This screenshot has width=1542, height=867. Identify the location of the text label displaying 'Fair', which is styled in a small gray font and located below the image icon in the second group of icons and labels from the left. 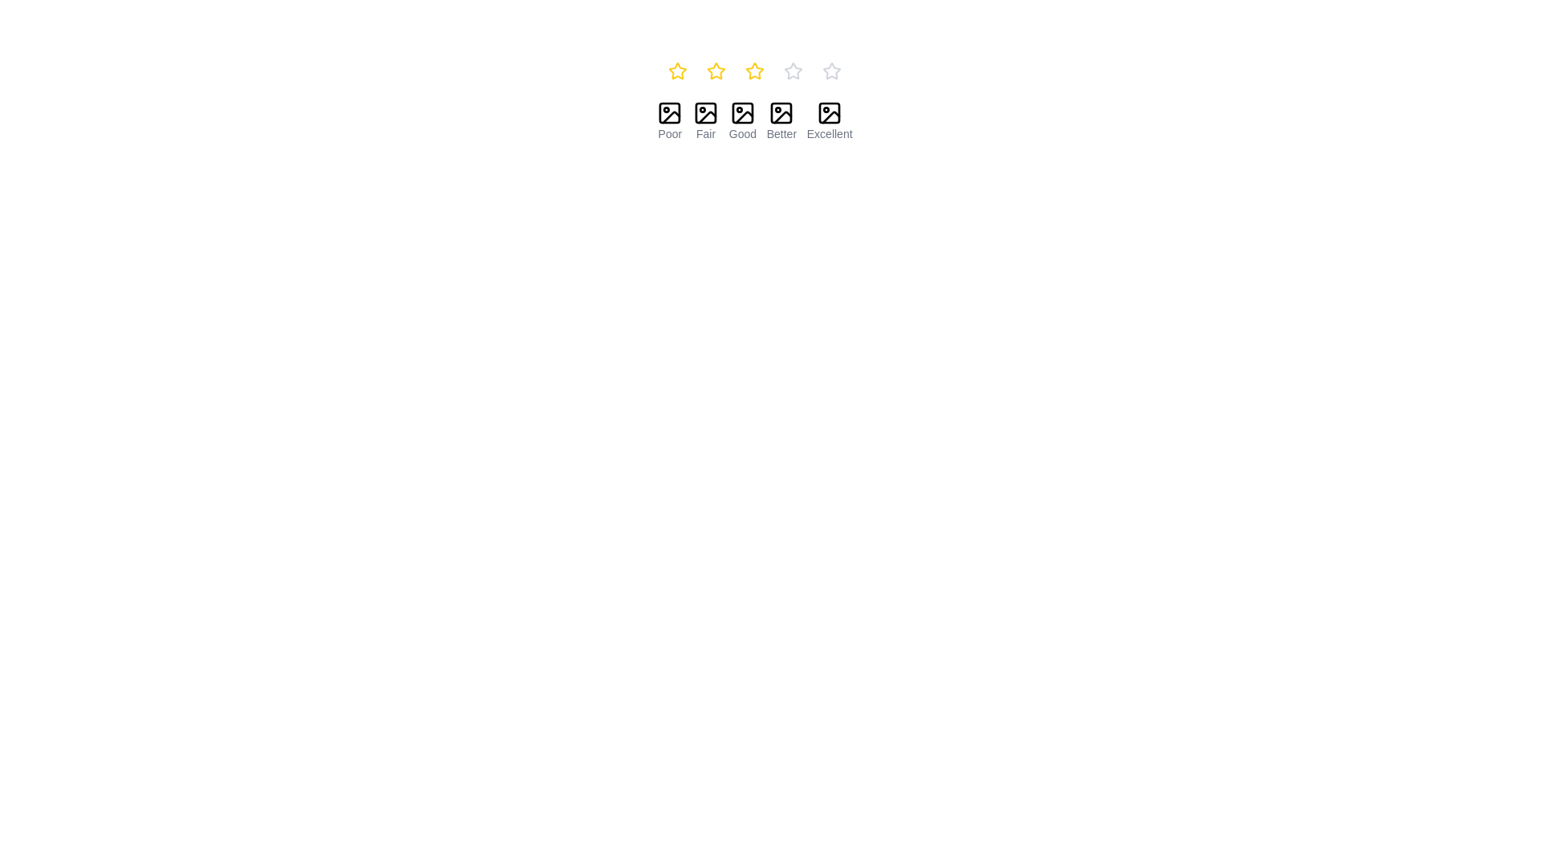
(705, 132).